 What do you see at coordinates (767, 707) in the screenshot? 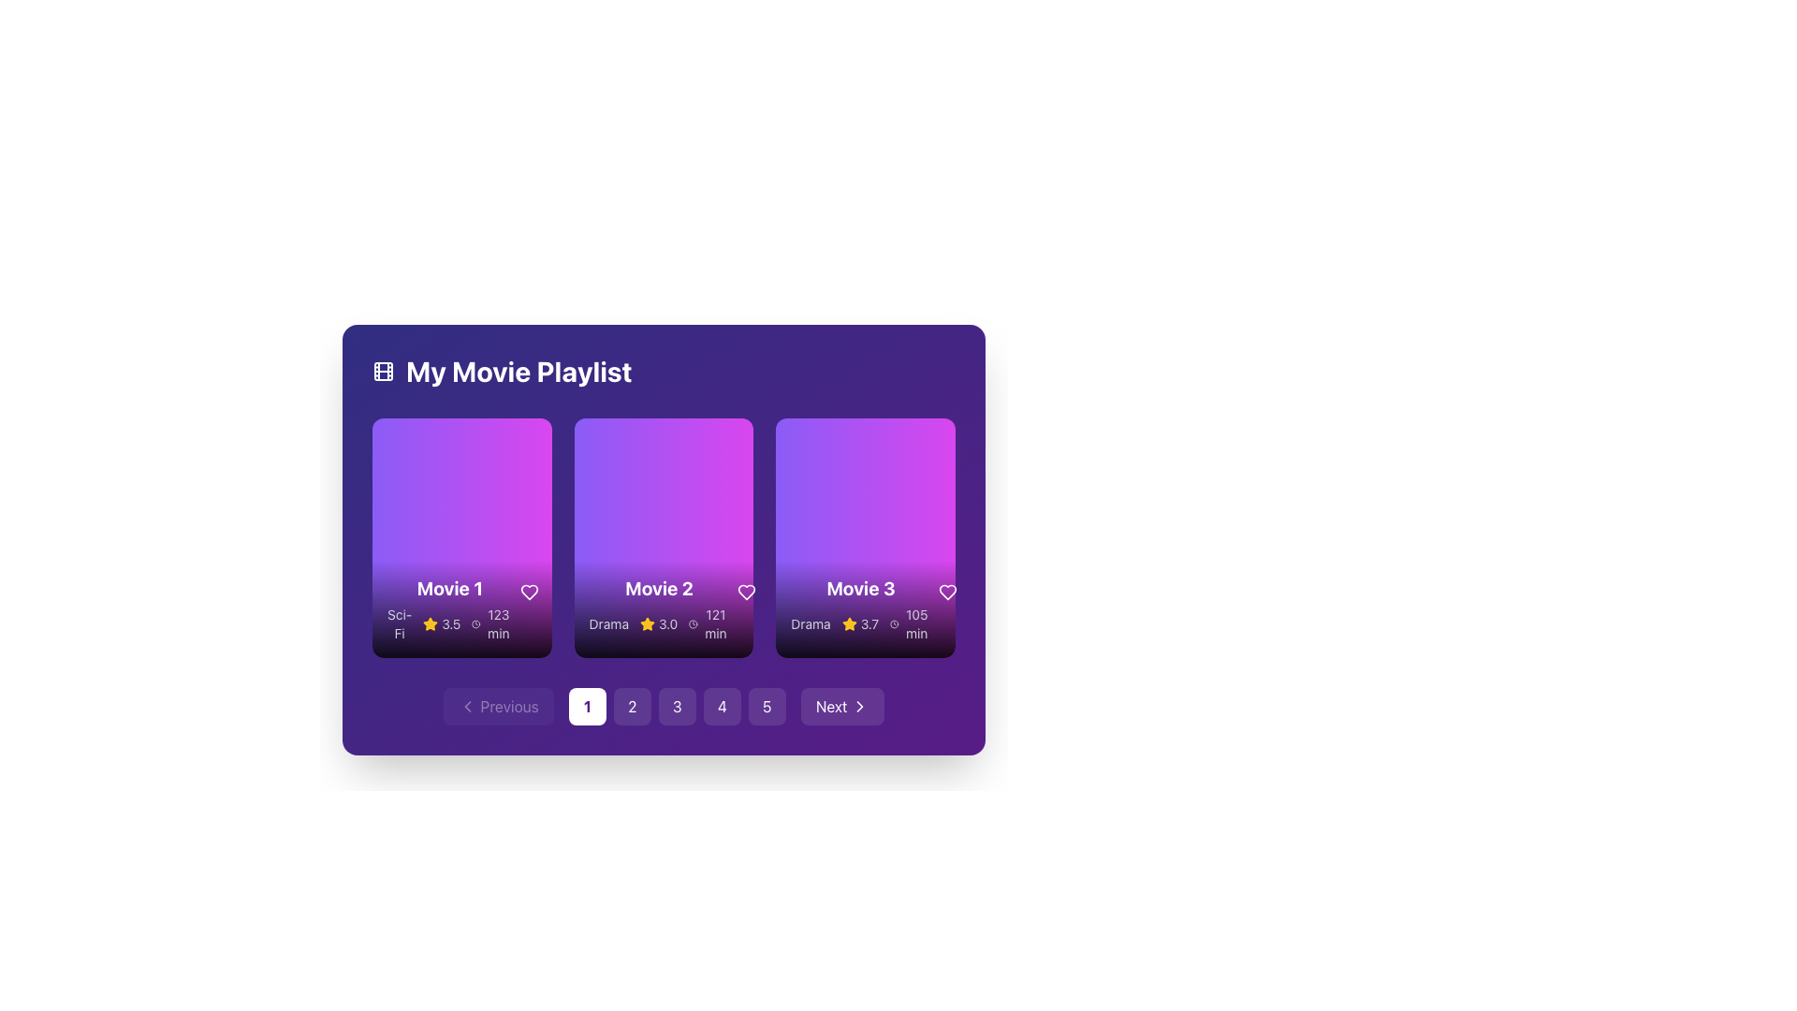
I see `the fifth page button in the 'My Movie Playlist' section` at bounding box center [767, 707].